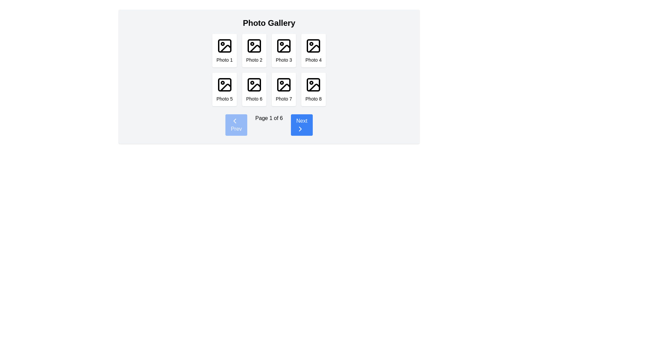  What do you see at coordinates (313, 59) in the screenshot?
I see `text content of the 'Photo 4' label located beneath the icon in the fourth card of the gallery view` at bounding box center [313, 59].